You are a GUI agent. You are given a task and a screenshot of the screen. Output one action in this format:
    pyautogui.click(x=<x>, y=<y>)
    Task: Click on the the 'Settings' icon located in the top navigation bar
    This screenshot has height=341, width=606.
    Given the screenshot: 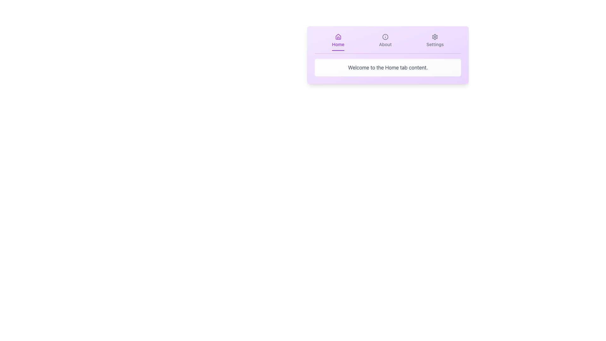 What is the action you would take?
    pyautogui.click(x=435, y=37)
    